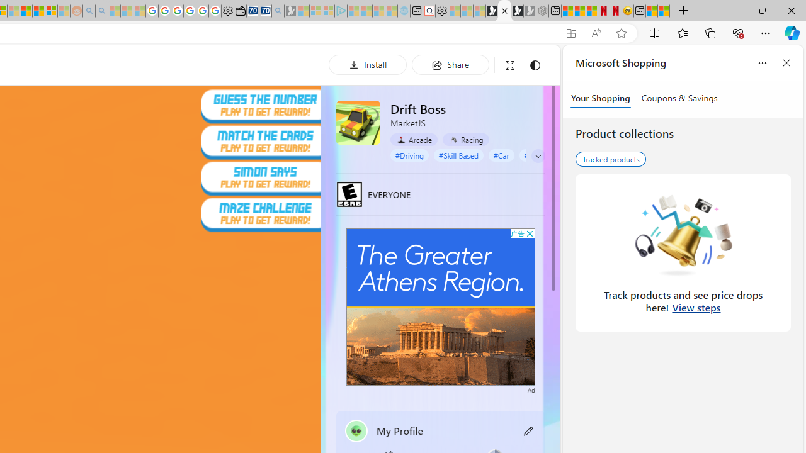 The image size is (806, 453). I want to click on 'Play Free Online Games | Games from Microsoft Start', so click(491, 11).